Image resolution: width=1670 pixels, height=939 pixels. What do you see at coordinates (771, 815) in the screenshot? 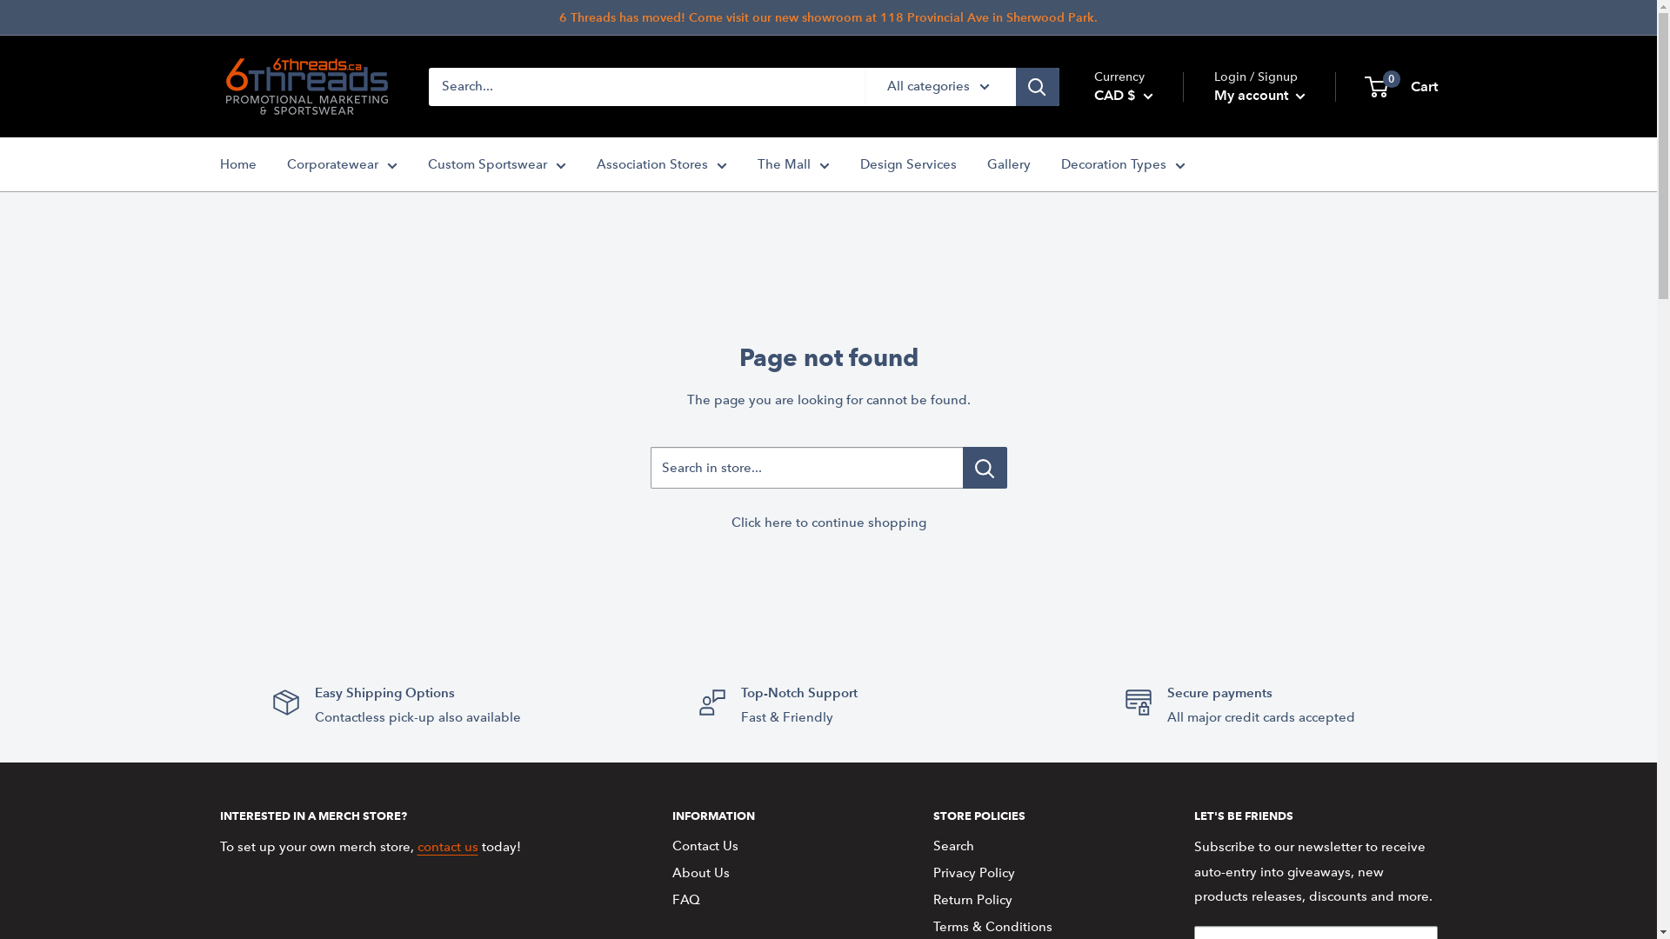
I see `'INFORMATION'` at bounding box center [771, 815].